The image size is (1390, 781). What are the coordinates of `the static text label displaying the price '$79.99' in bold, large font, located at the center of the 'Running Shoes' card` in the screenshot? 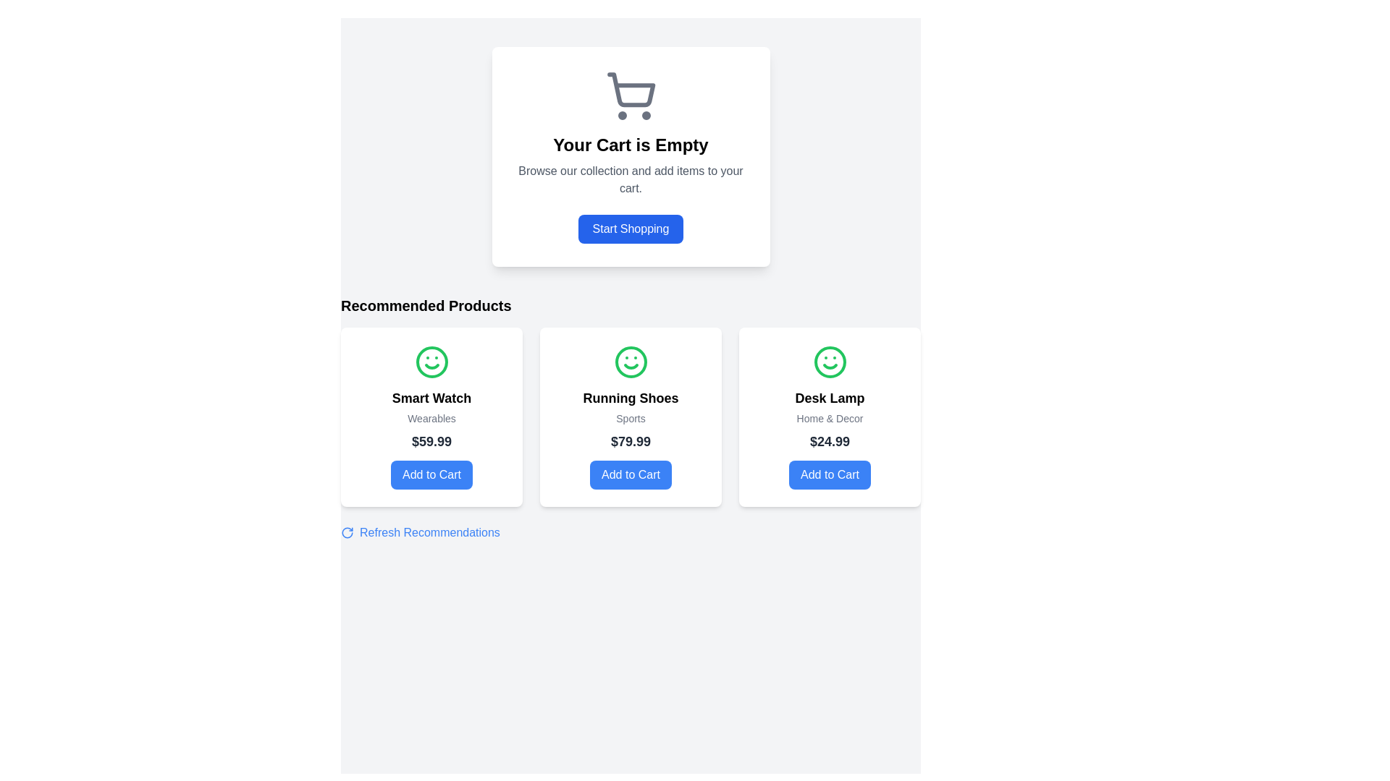 It's located at (631, 440).